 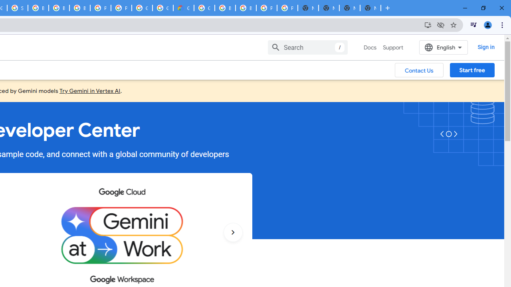 I want to click on 'Docs', so click(x=370, y=47).